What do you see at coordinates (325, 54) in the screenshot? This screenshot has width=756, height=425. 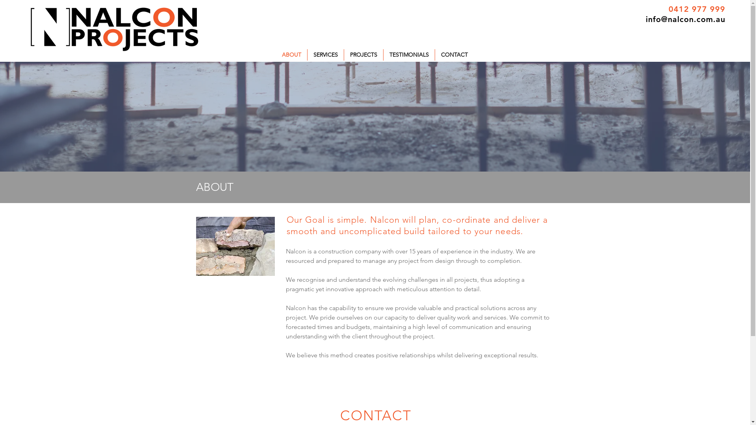 I see `'SERVICES'` at bounding box center [325, 54].